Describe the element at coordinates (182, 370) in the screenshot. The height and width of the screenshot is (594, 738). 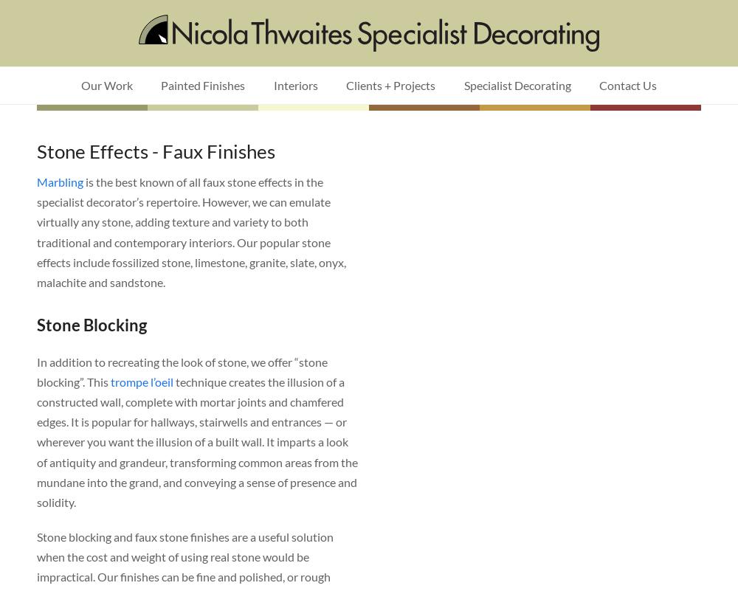
I see `'In addition to recreating the look of stone, we offer “stone blocking”. This'` at that location.